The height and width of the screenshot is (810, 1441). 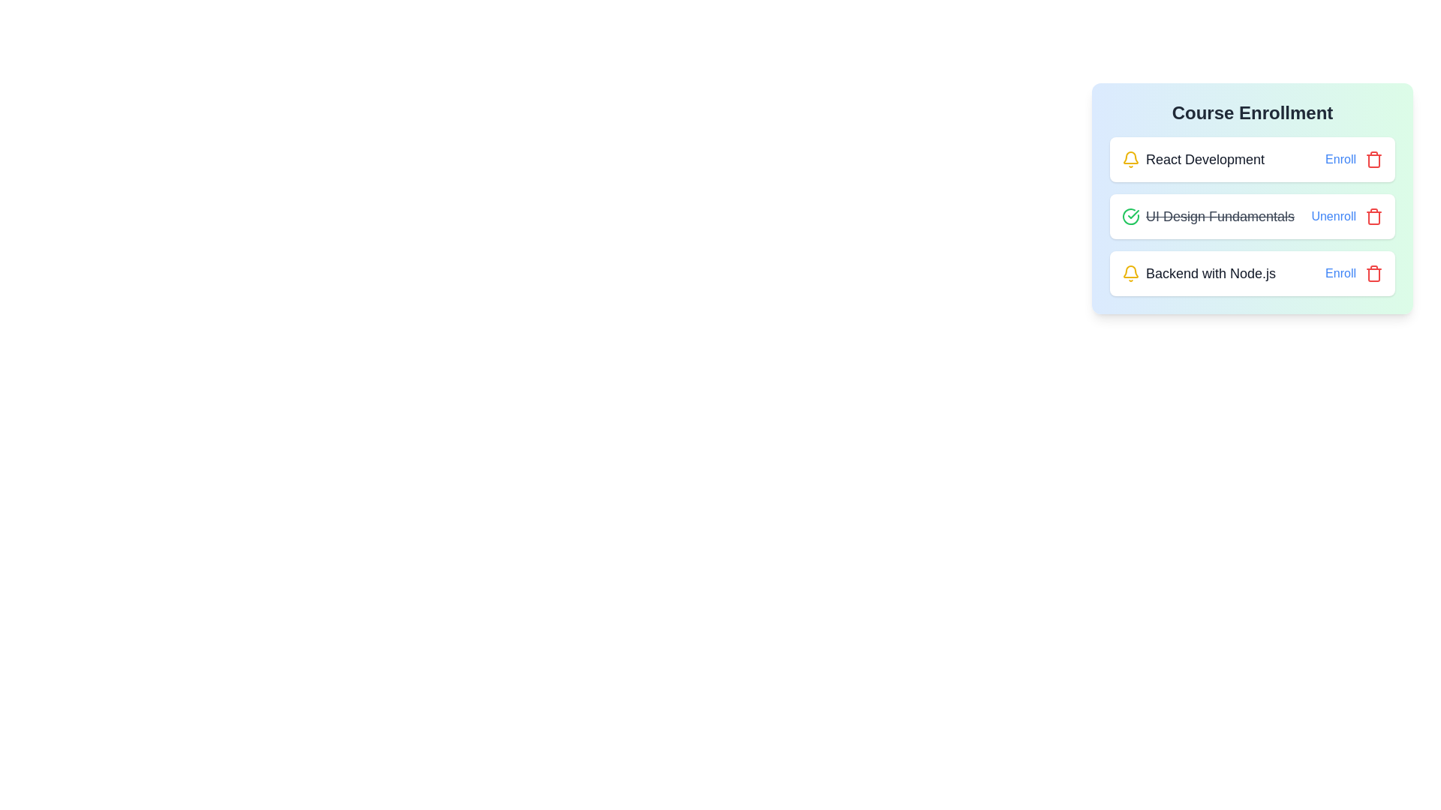 I want to click on the remove button for the course Backend with Node.js, so click(x=1373, y=274).